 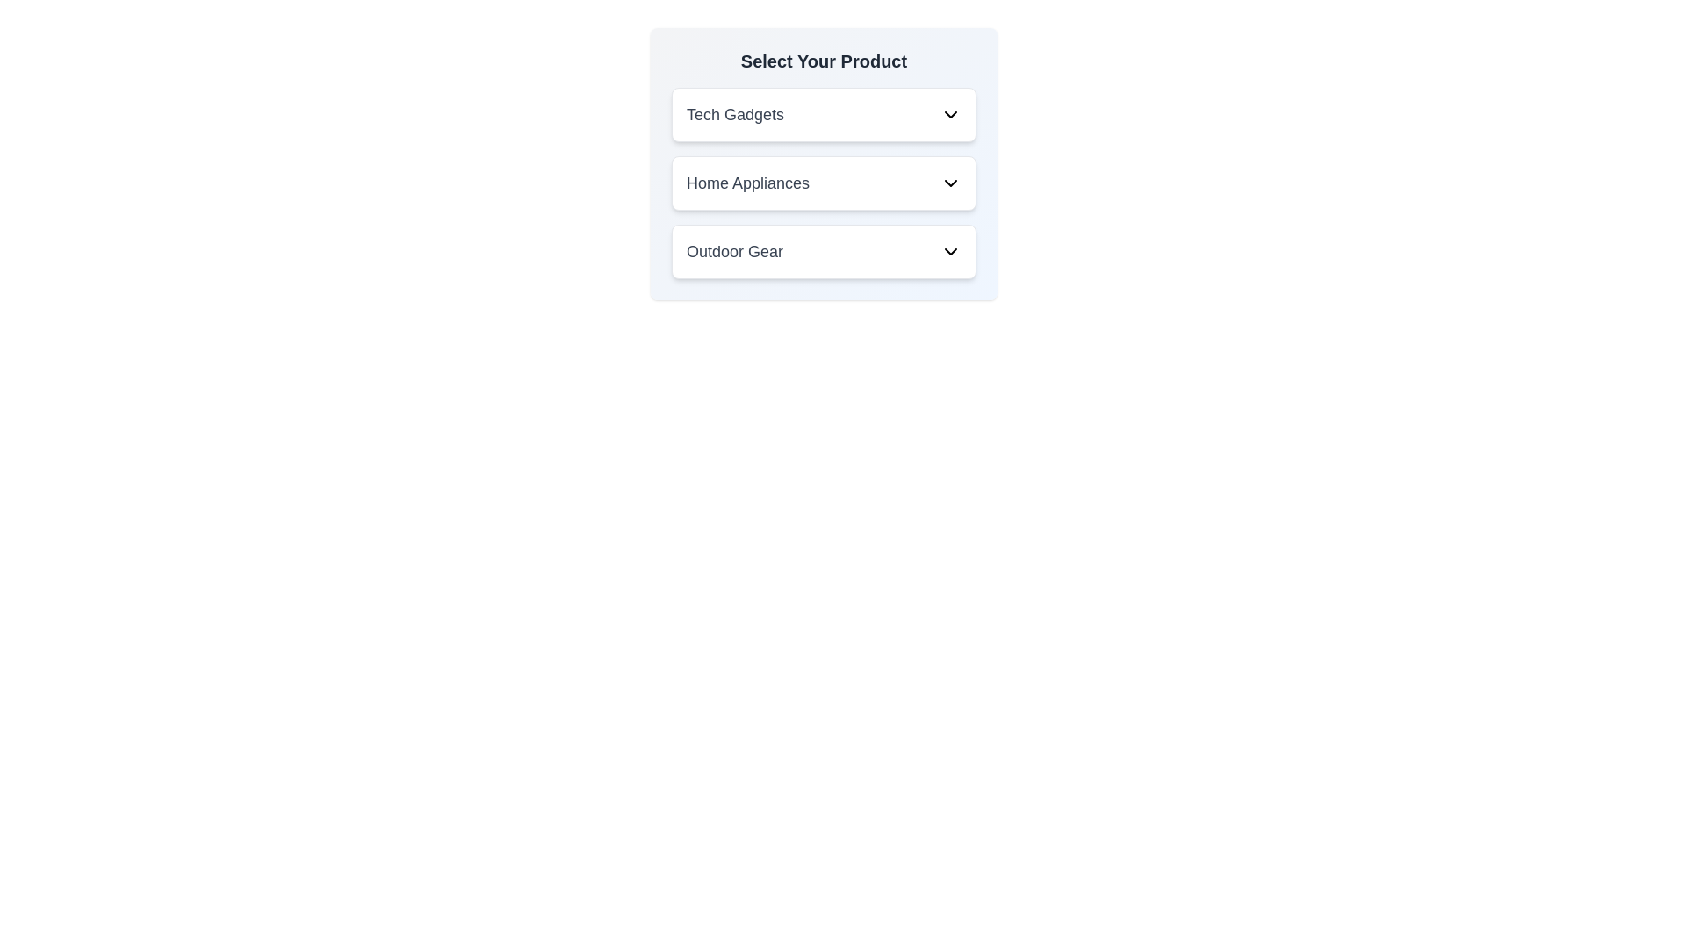 I want to click on the 'Home Appliances' text label, which is part of a button-like structure in a vertical list of selectable options, so click(x=748, y=183).